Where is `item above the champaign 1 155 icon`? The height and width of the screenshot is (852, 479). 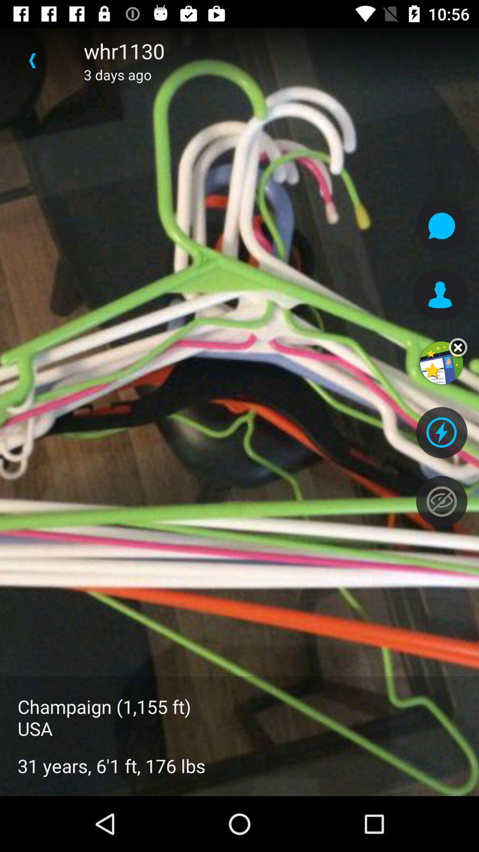 item above the champaign 1 155 icon is located at coordinates (32, 60).